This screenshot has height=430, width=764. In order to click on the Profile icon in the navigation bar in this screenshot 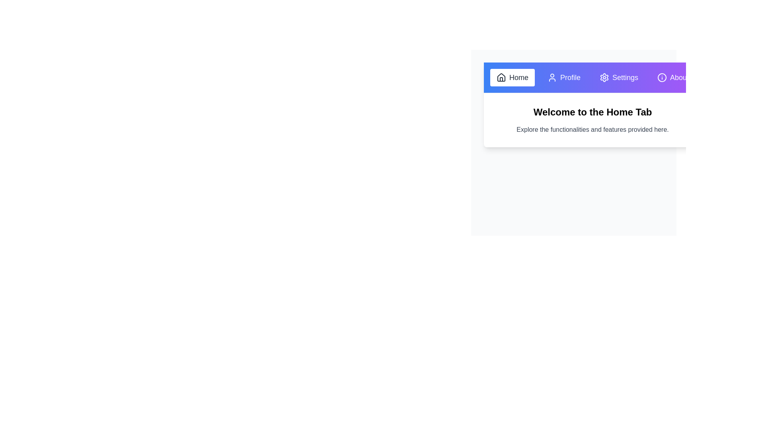, I will do `click(552, 78)`.